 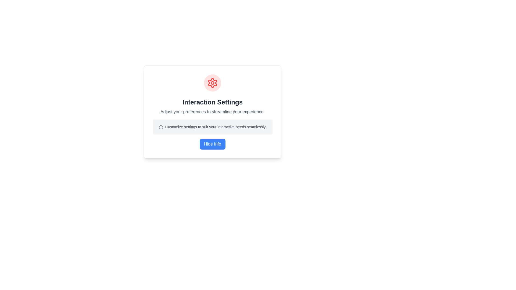 I want to click on the decorative circle SVG element located at the center of the gear-shaped icon above the 'Interaction Settings' title in the dialog box, so click(x=212, y=83).